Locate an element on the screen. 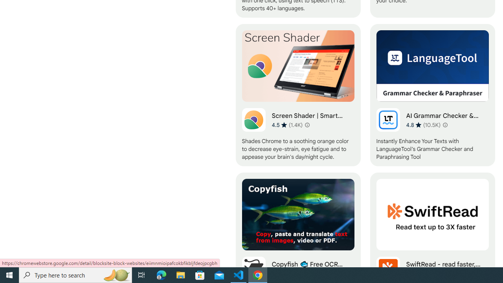  'Screen Shader | Smart Screen Tinting' is located at coordinates (297, 95).